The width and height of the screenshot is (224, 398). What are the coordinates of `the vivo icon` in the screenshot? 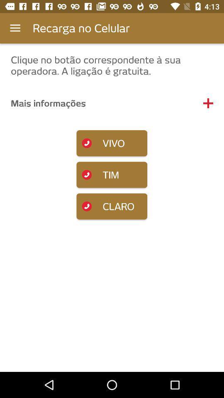 It's located at (112, 143).